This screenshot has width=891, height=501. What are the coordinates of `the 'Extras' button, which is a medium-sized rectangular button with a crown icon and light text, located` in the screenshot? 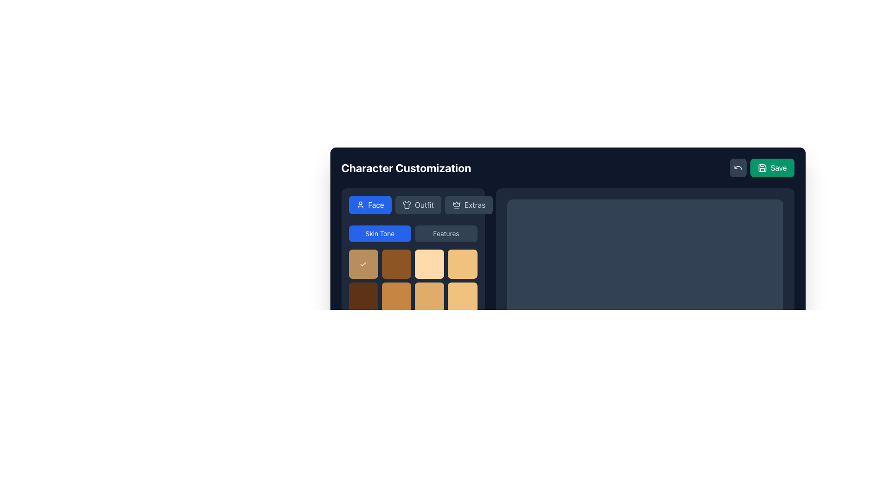 It's located at (468, 205).